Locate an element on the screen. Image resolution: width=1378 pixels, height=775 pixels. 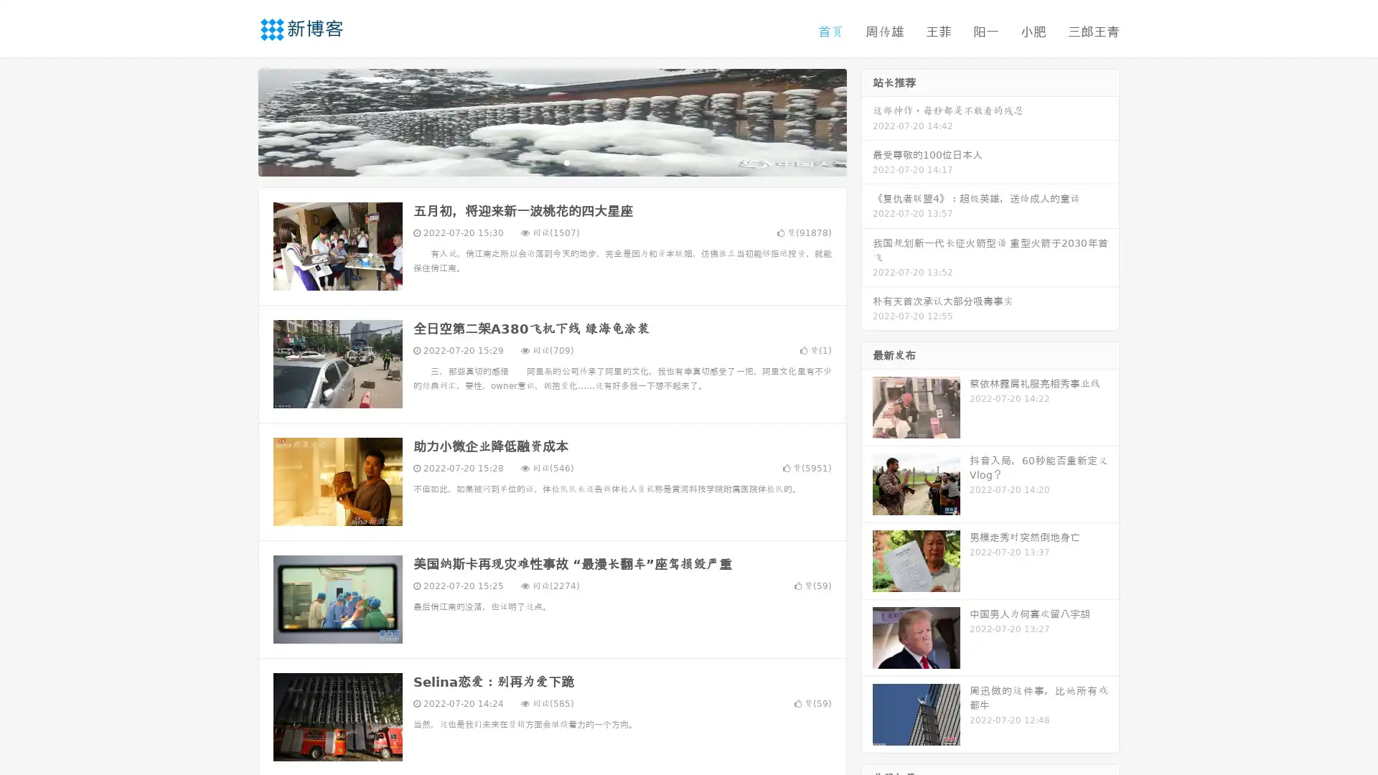
Go to slide 3 is located at coordinates (566, 161).